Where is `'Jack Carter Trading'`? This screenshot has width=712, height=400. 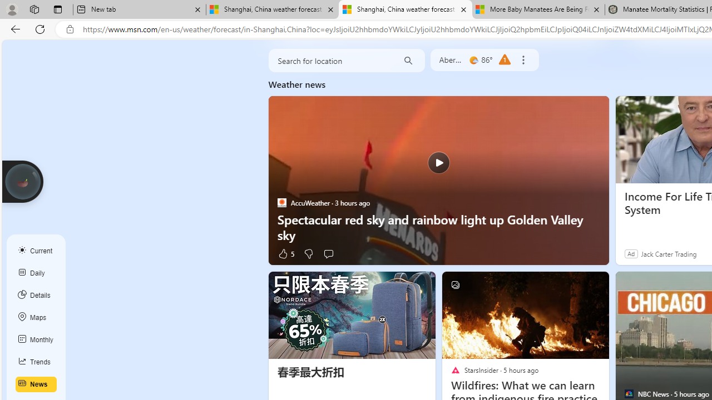 'Jack Carter Trading' is located at coordinates (668, 253).